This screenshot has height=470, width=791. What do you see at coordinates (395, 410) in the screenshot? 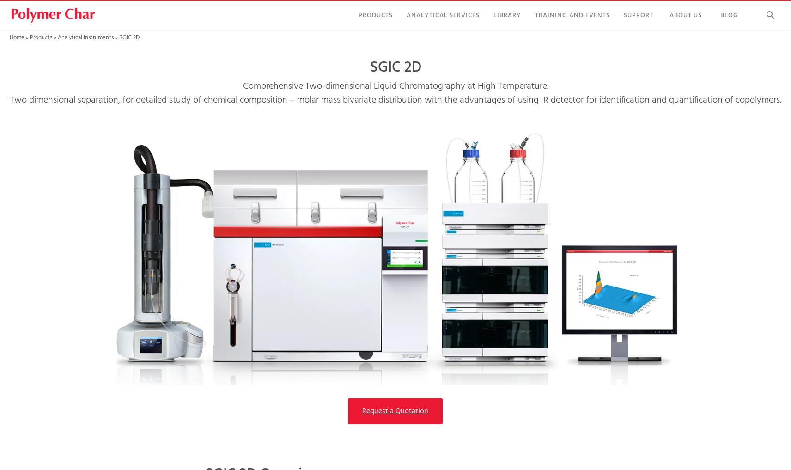
I see `'Request a Quotation'` at bounding box center [395, 410].